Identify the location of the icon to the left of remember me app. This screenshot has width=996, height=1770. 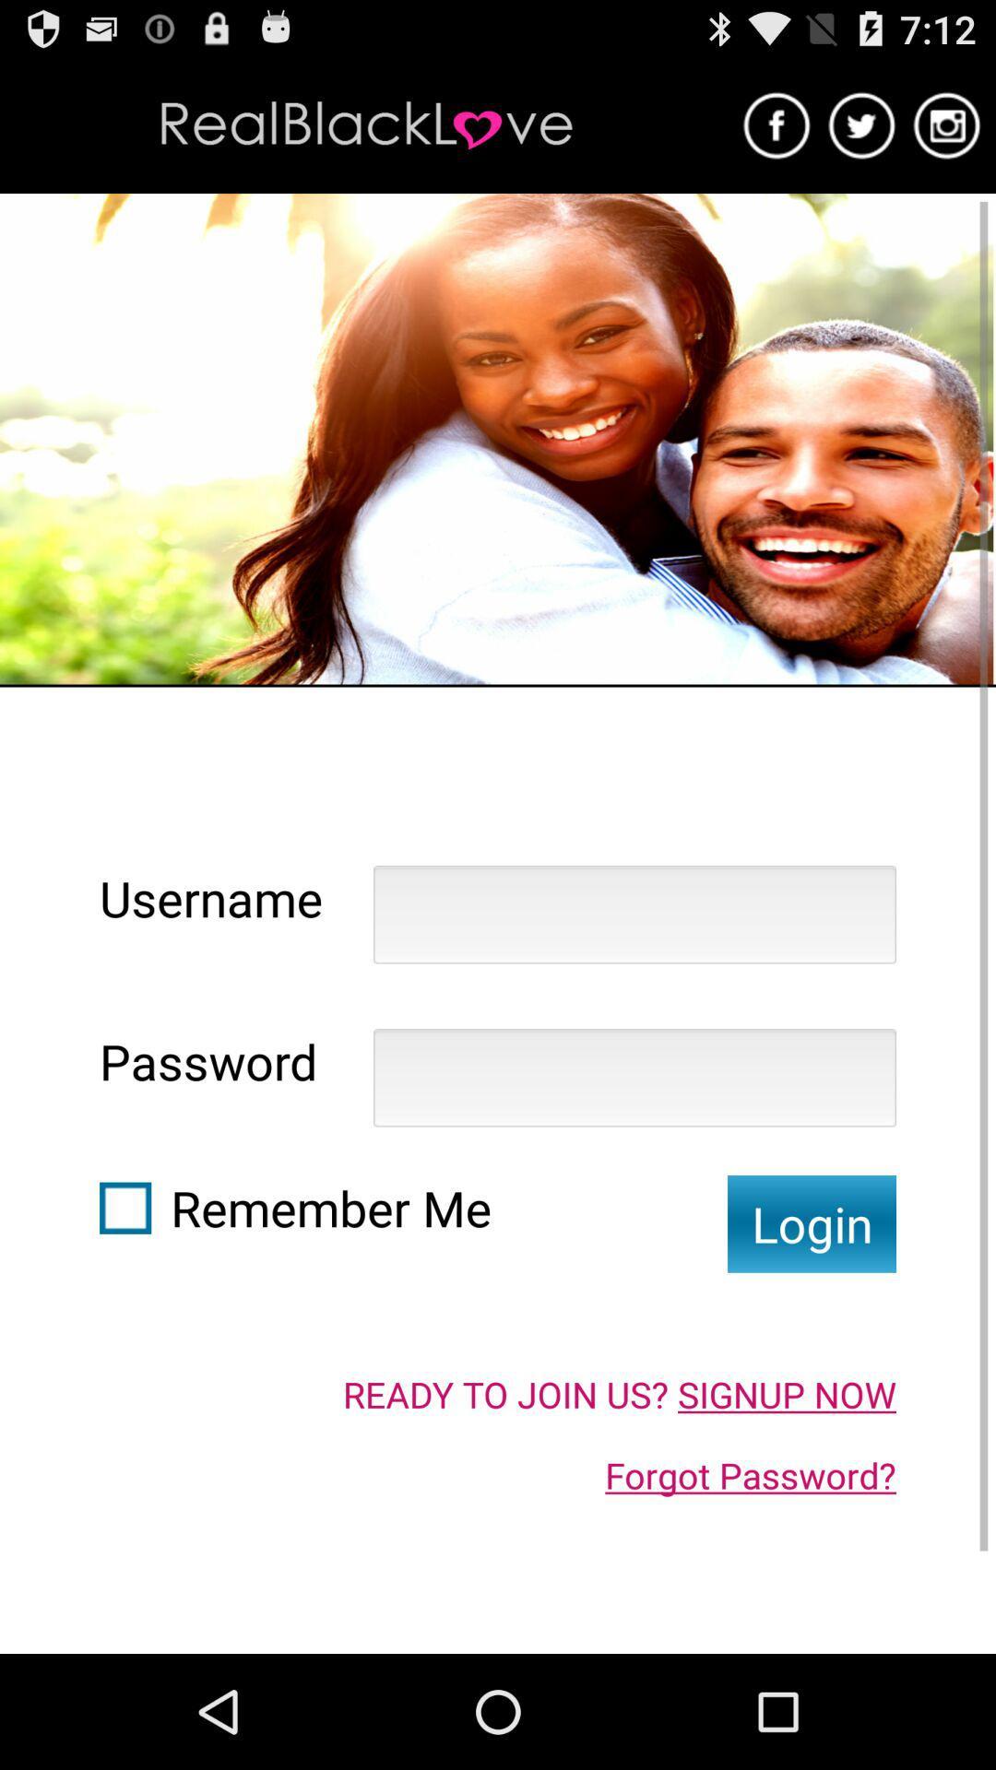
(125, 1208).